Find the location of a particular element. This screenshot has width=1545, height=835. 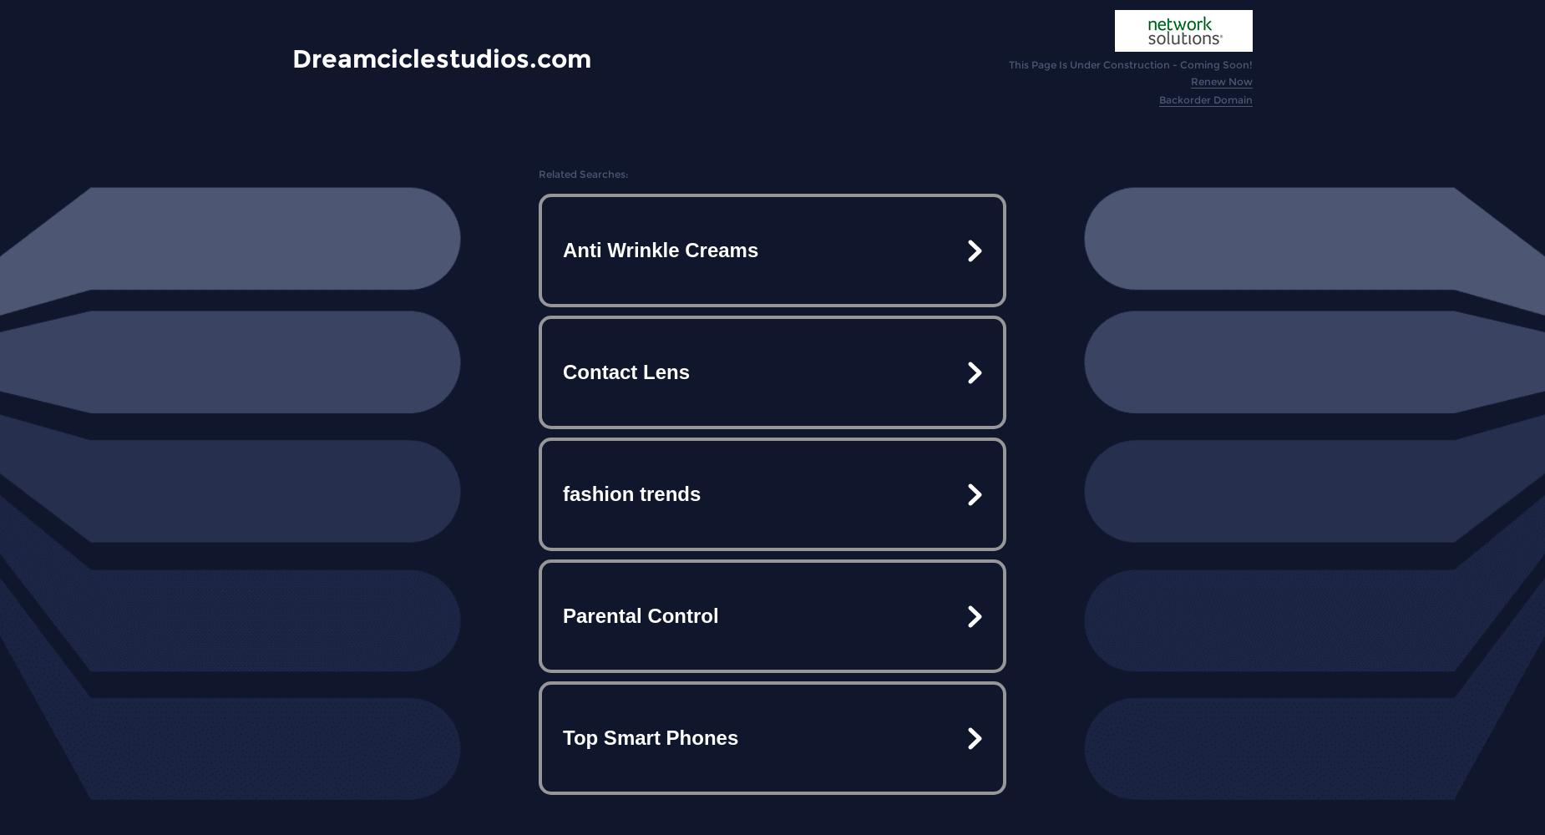

'Parental Control' is located at coordinates (641, 615).